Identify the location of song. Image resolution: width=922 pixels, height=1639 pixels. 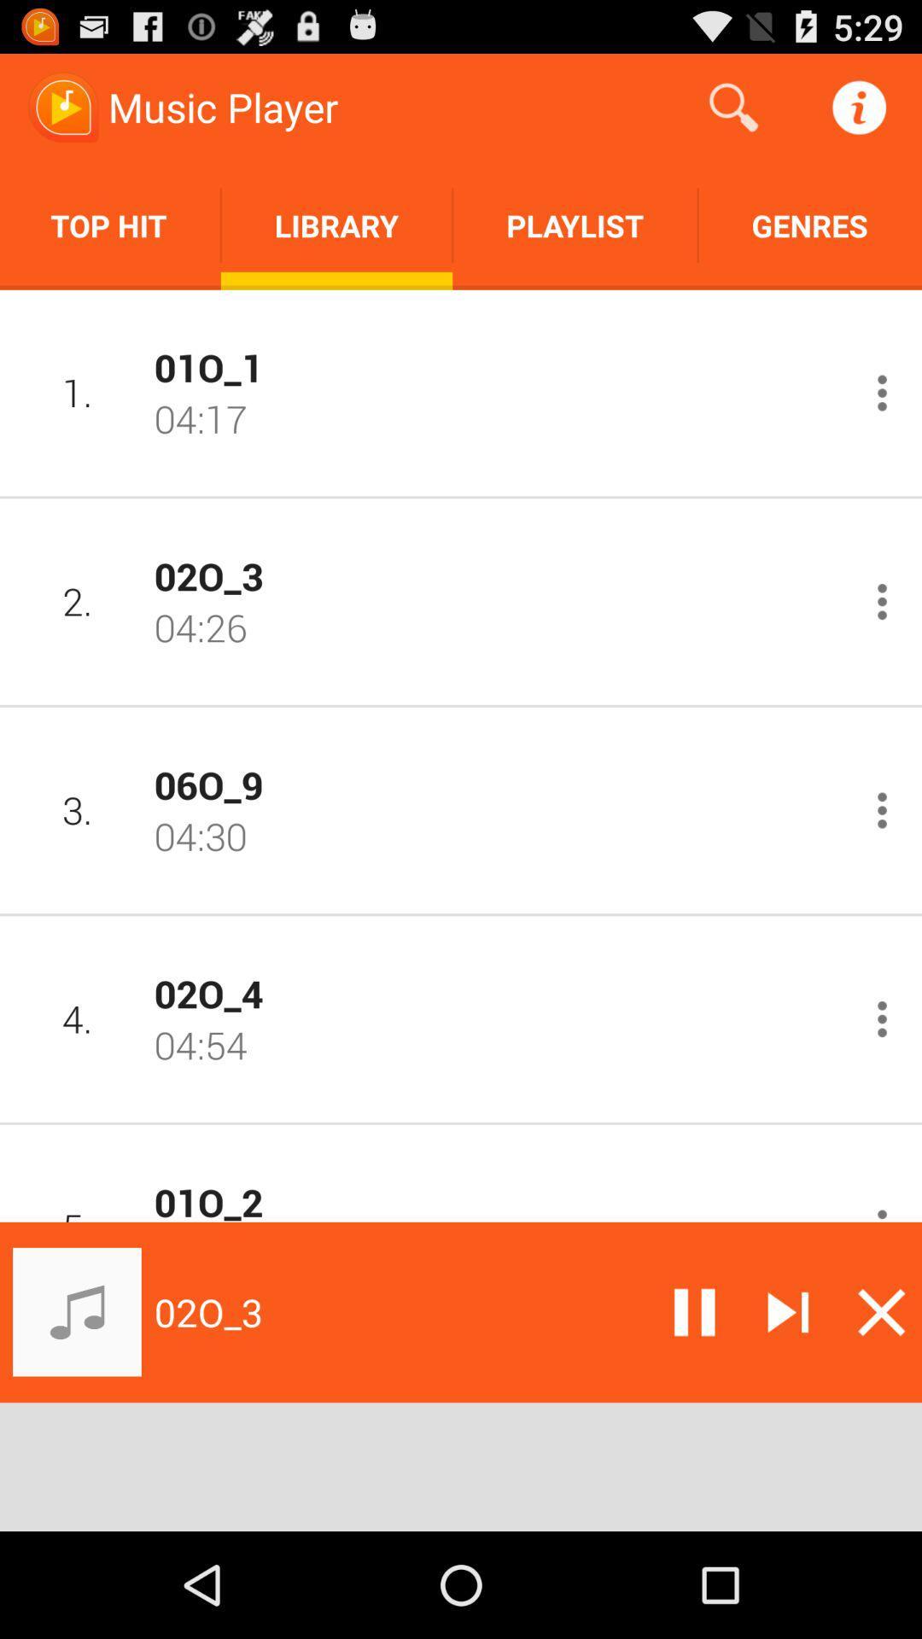
(882, 809).